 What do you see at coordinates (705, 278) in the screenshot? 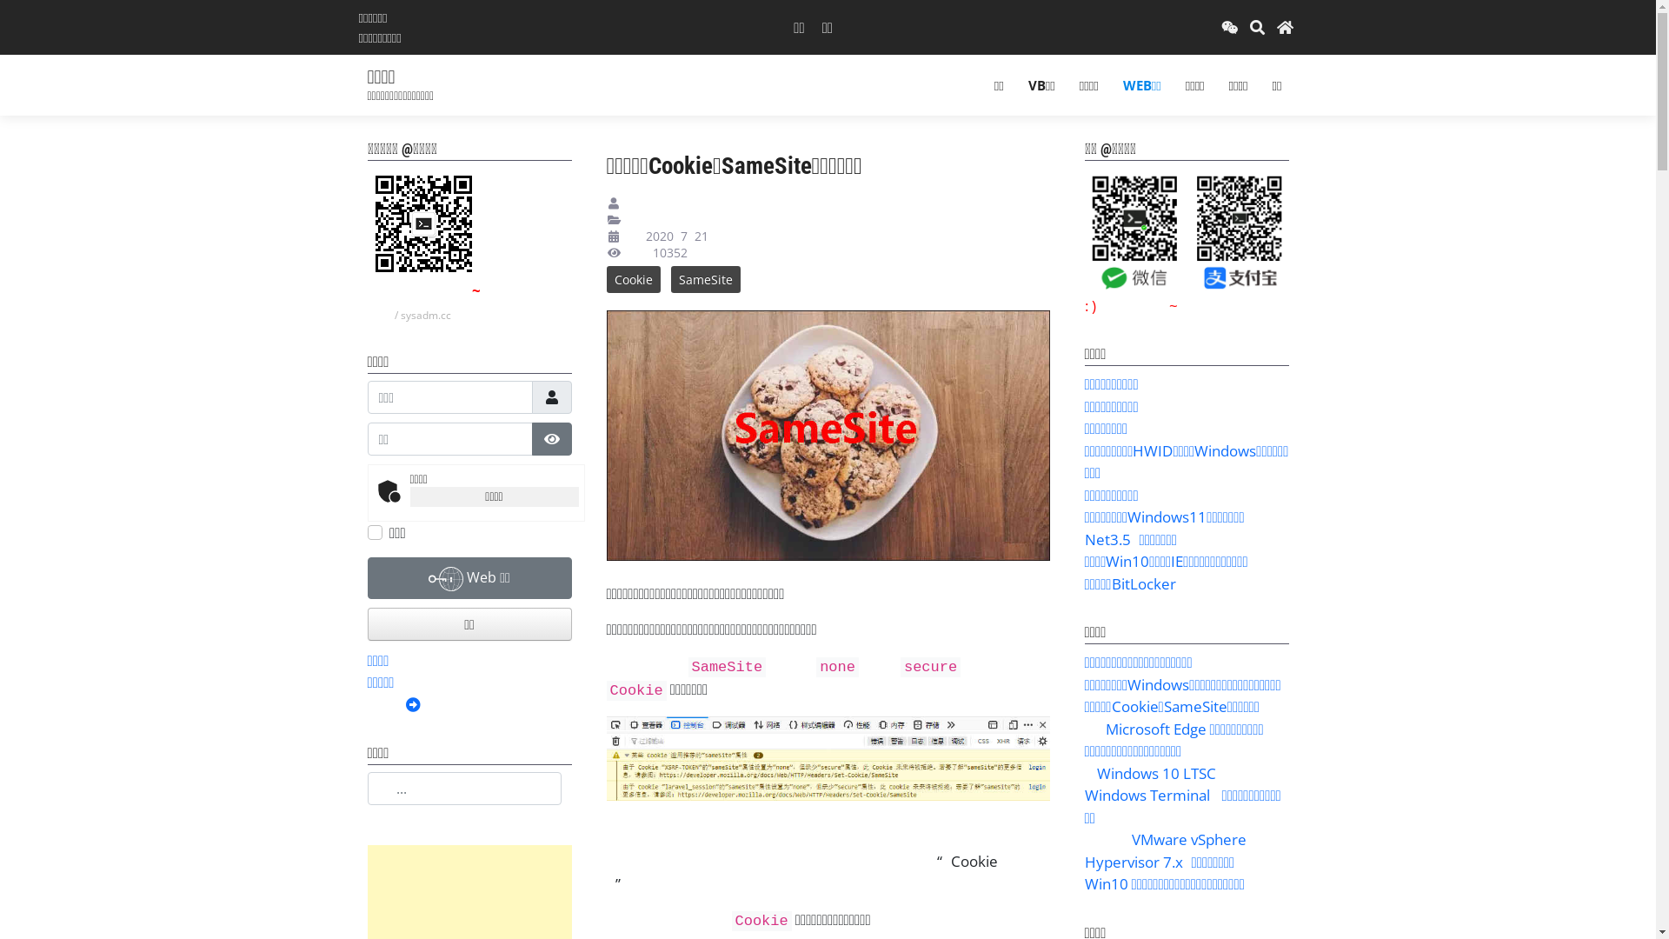
I see `'SameSite'` at bounding box center [705, 278].